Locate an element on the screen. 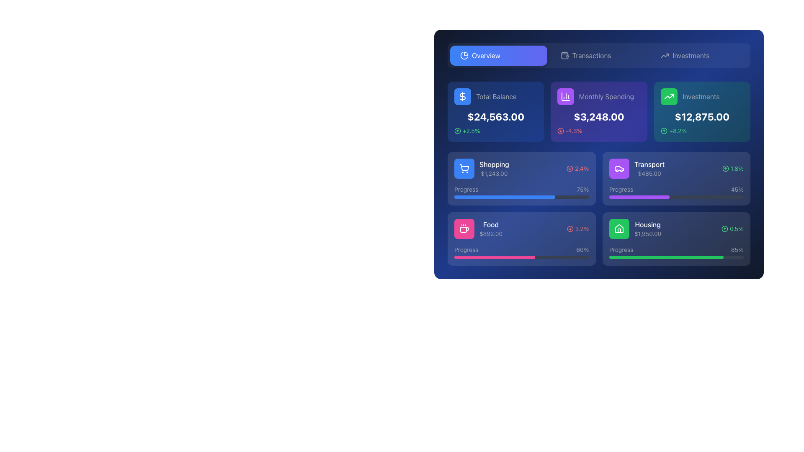 The width and height of the screenshot is (804, 452). the house icon located at the bottom-right of the 'Housing' summary card, which features a triangular roof and rectangular base, along with a door or window in its center is located at coordinates (619, 229).